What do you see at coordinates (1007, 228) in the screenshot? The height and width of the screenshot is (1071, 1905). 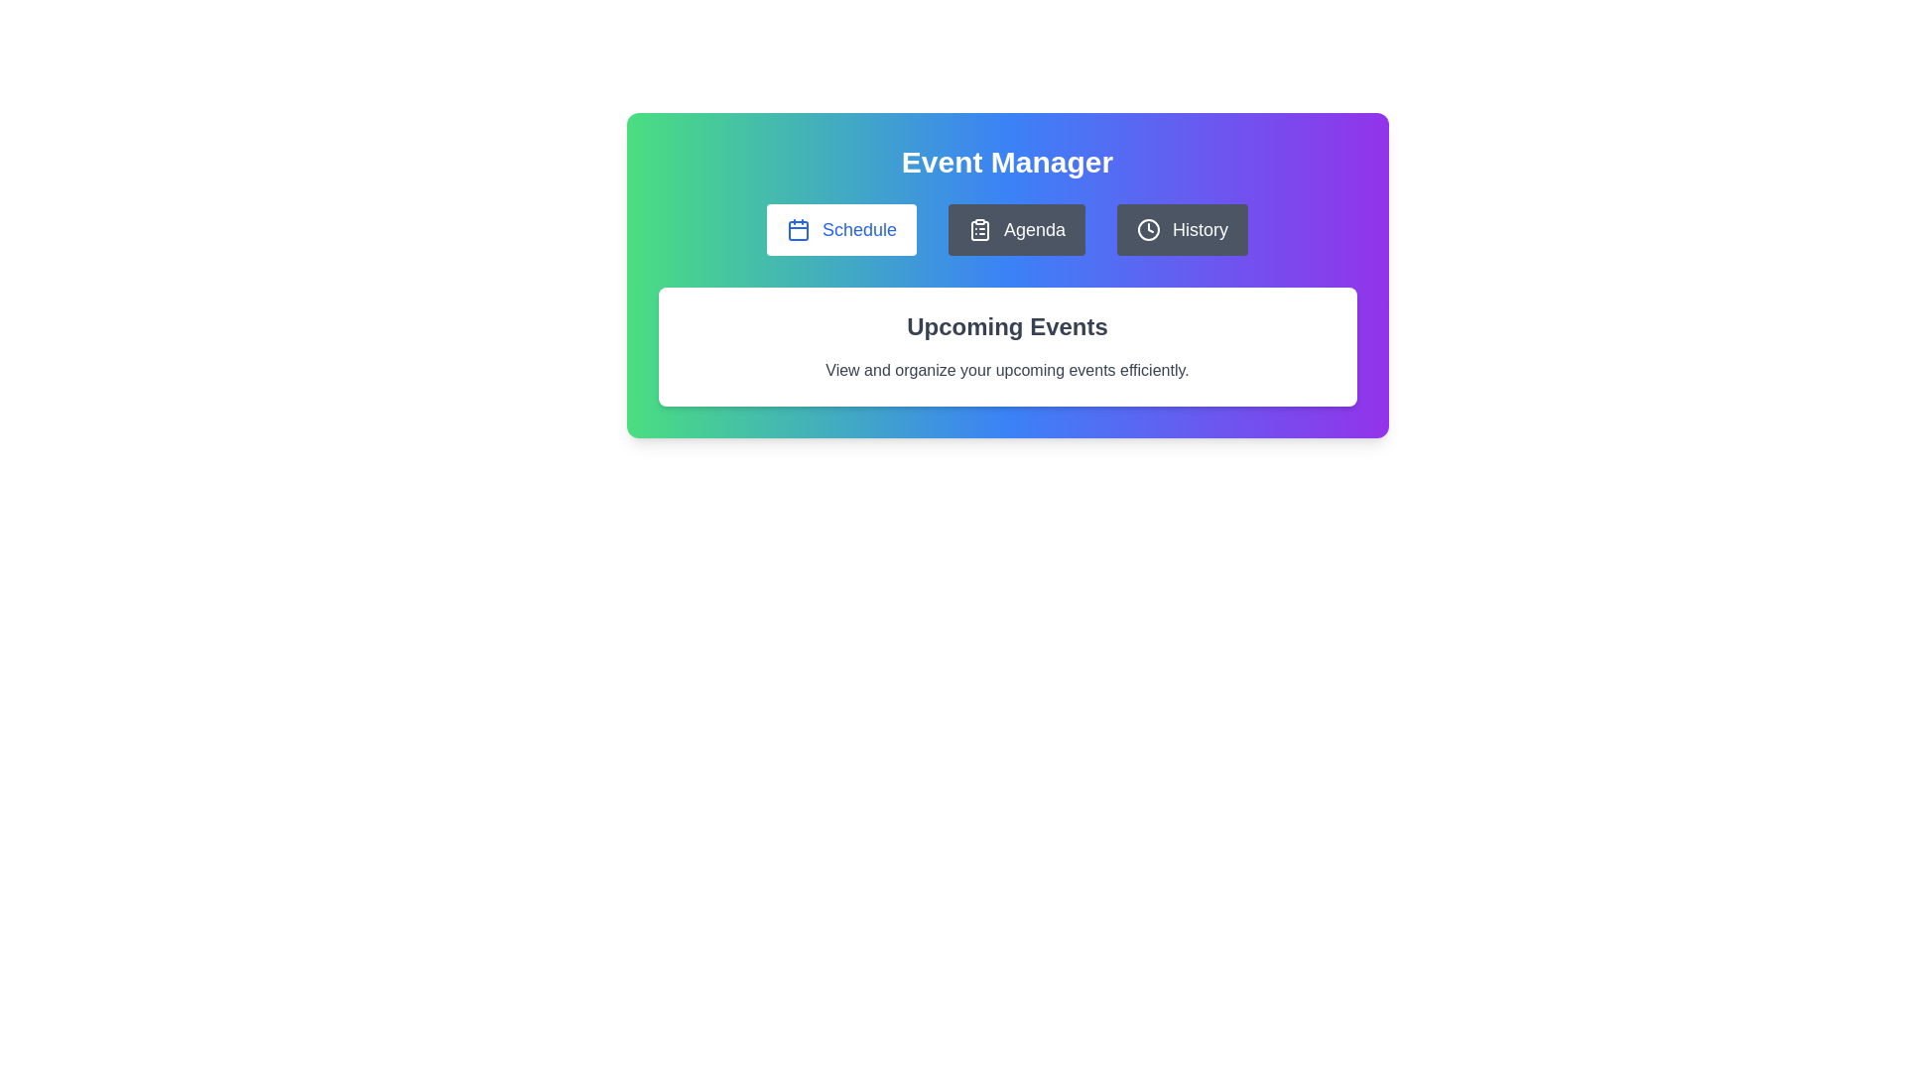 I see `one of the buttons in the Navigation bar of the Event Manager card` at bounding box center [1007, 228].